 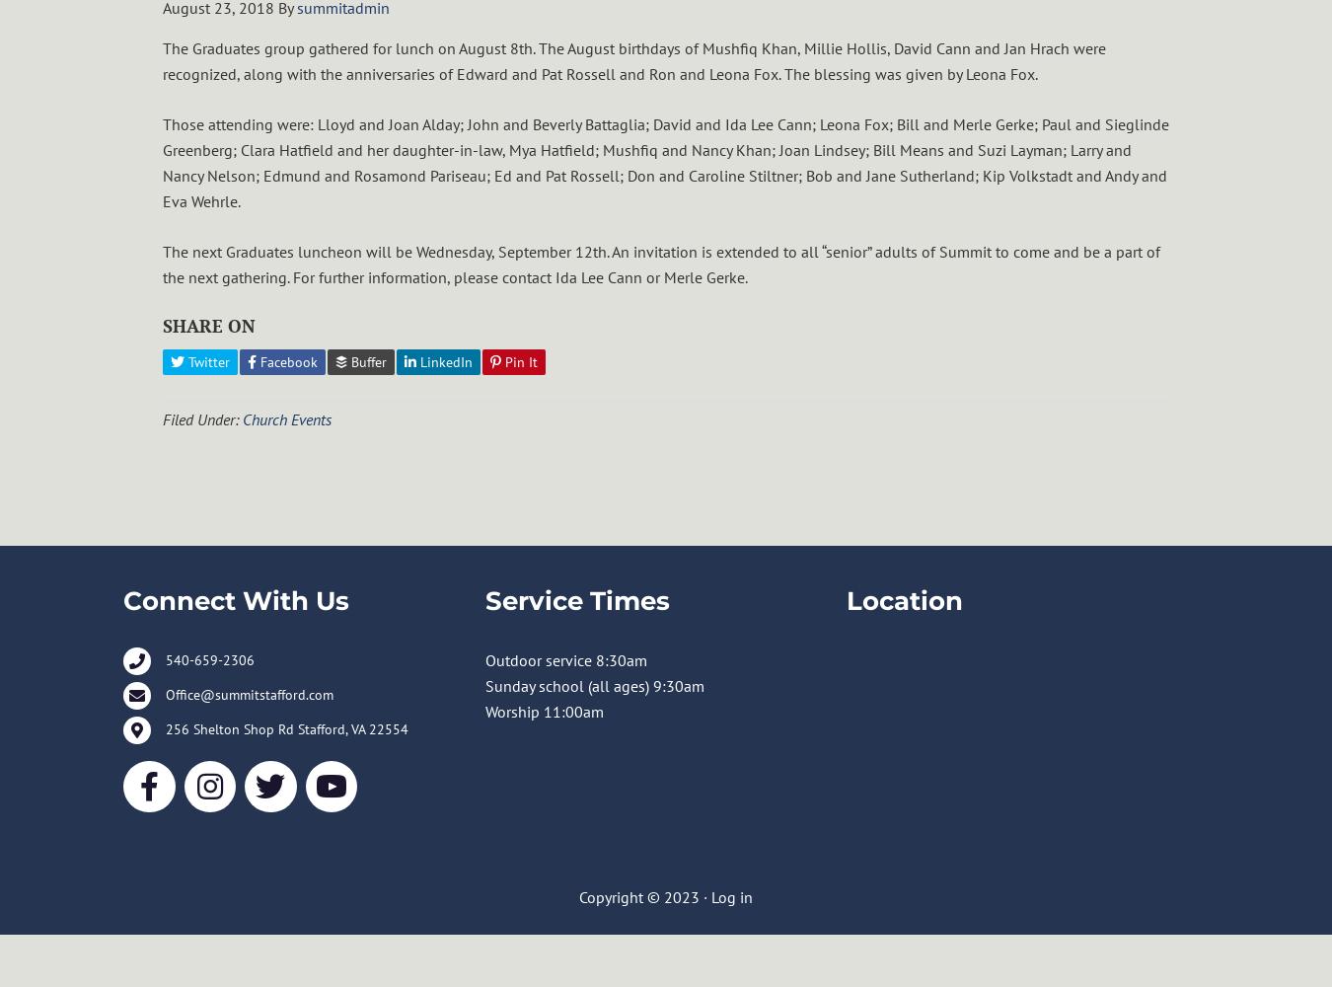 I want to click on 'Worship 11:00am', so click(x=542, y=710).